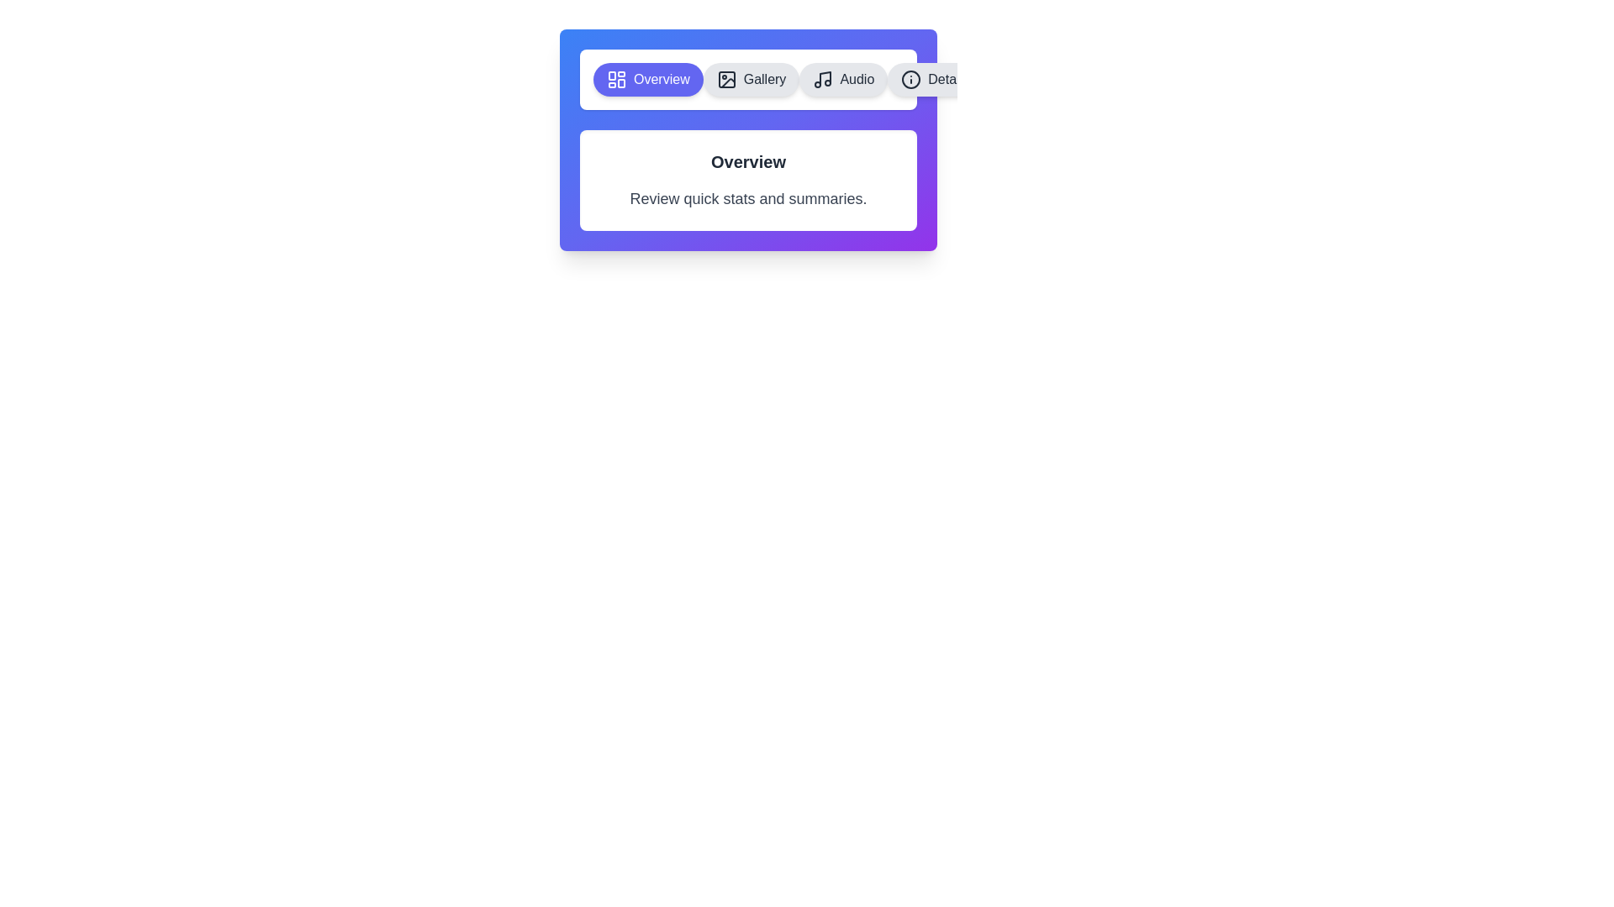 The height and width of the screenshot is (907, 1614). Describe the element at coordinates (843, 80) in the screenshot. I see `the tab labeled Audio` at that location.